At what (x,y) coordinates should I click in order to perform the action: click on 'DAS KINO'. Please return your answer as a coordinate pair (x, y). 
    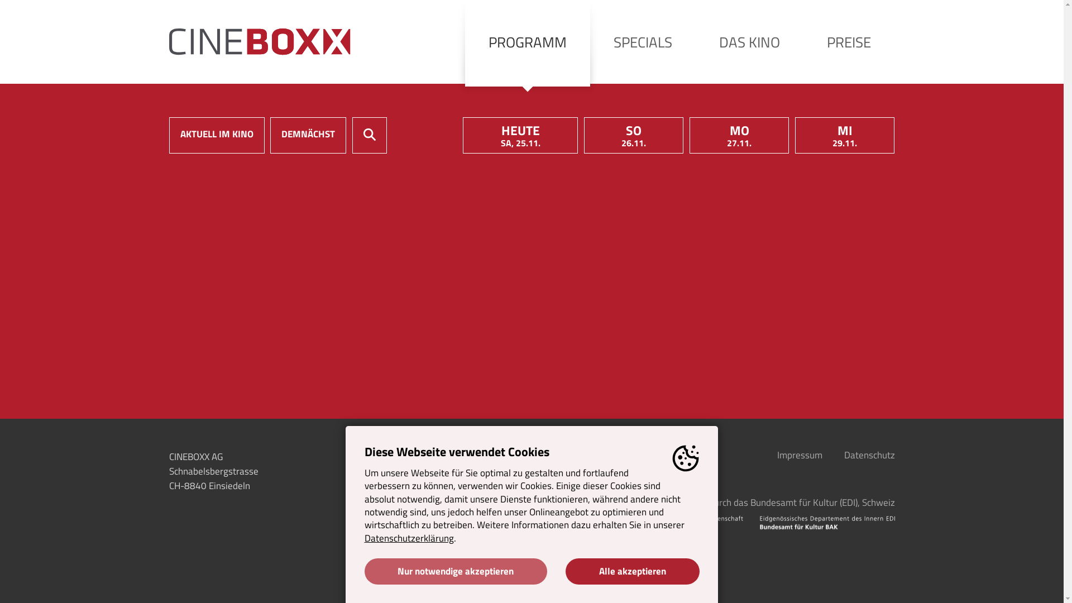
    Looking at the image, I should click on (749, 41).